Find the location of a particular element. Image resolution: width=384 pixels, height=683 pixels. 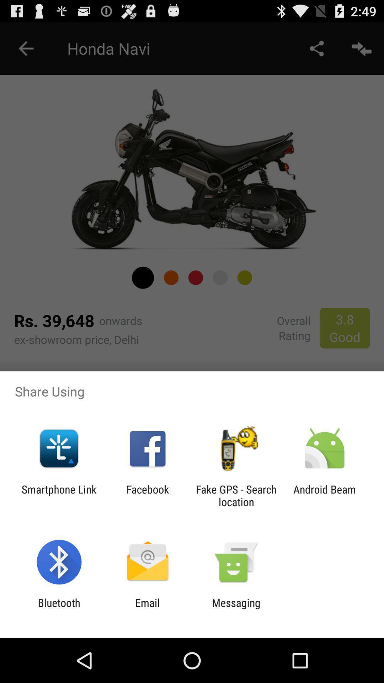

the app to the left of email item is located at coordinates (59, 609).